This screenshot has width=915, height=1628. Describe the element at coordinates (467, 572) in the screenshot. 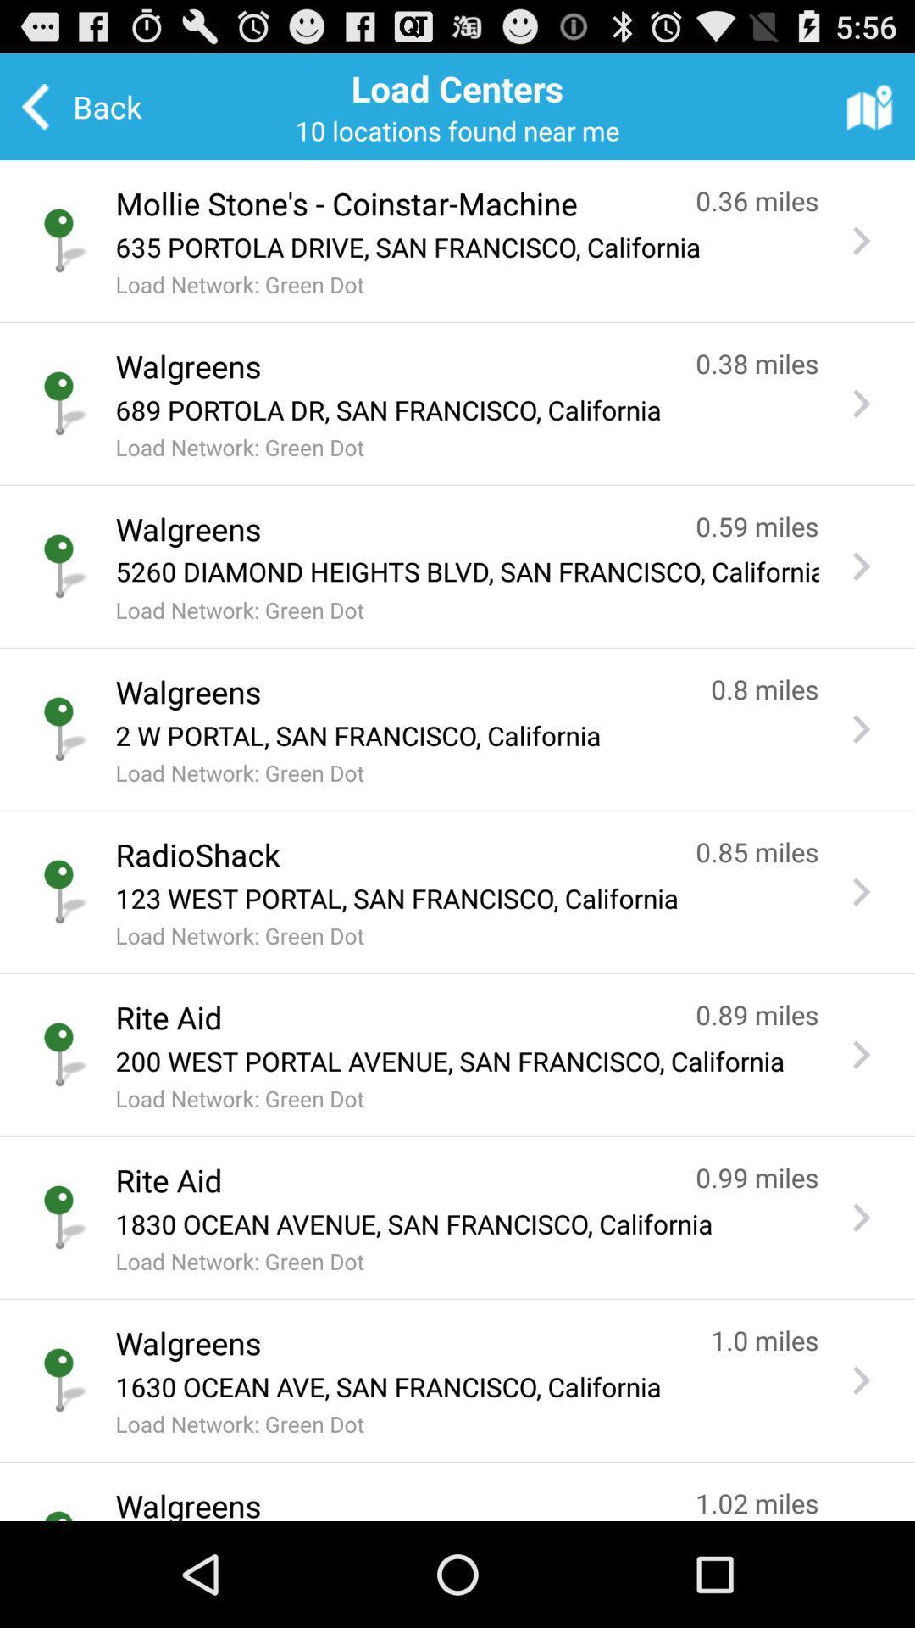

I see `5260 diamond heights item` at that location.